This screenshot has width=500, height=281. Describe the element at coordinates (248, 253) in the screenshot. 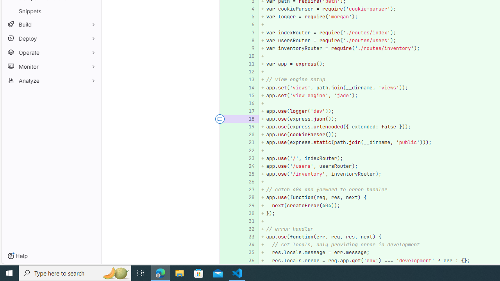

I see `'35'` at that location.